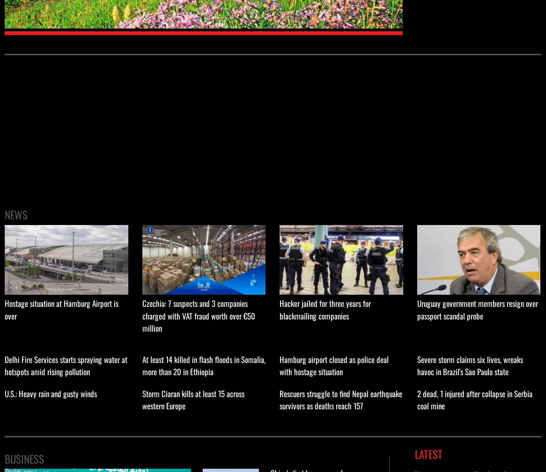  What do you see at coordinates (198, 316) in the screenshot?
I see `'Czechia: 7 suspects and 3 companies charged with VAT fraud worth over €50 million'` at bounding box center [198, 316].